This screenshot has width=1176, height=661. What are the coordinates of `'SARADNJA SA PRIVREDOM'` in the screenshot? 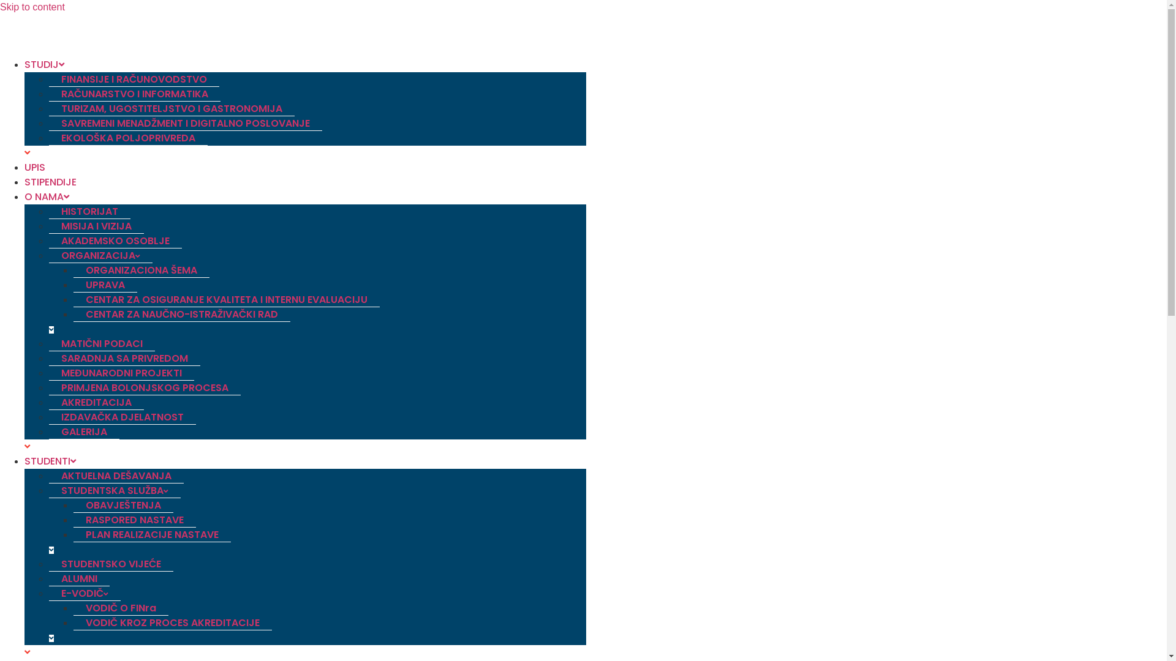 It's located at (124, 358).